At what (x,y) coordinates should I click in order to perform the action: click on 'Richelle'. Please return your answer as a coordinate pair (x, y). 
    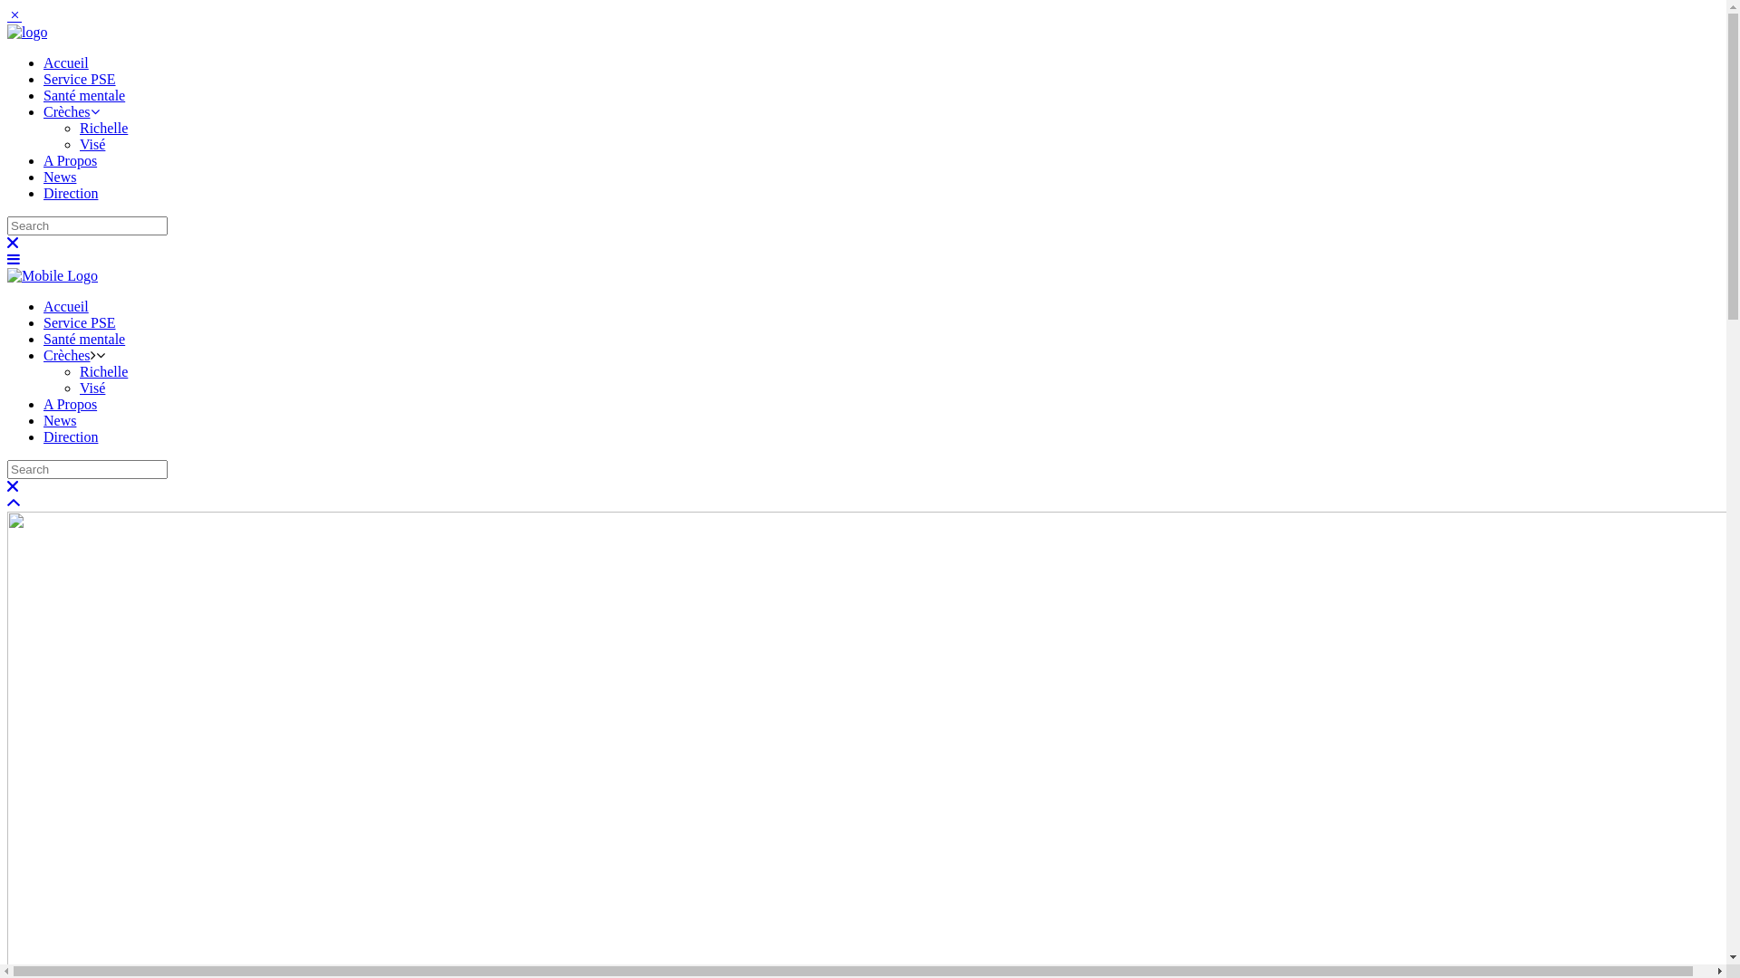
    Looking at the image, I should click on (102, 127).